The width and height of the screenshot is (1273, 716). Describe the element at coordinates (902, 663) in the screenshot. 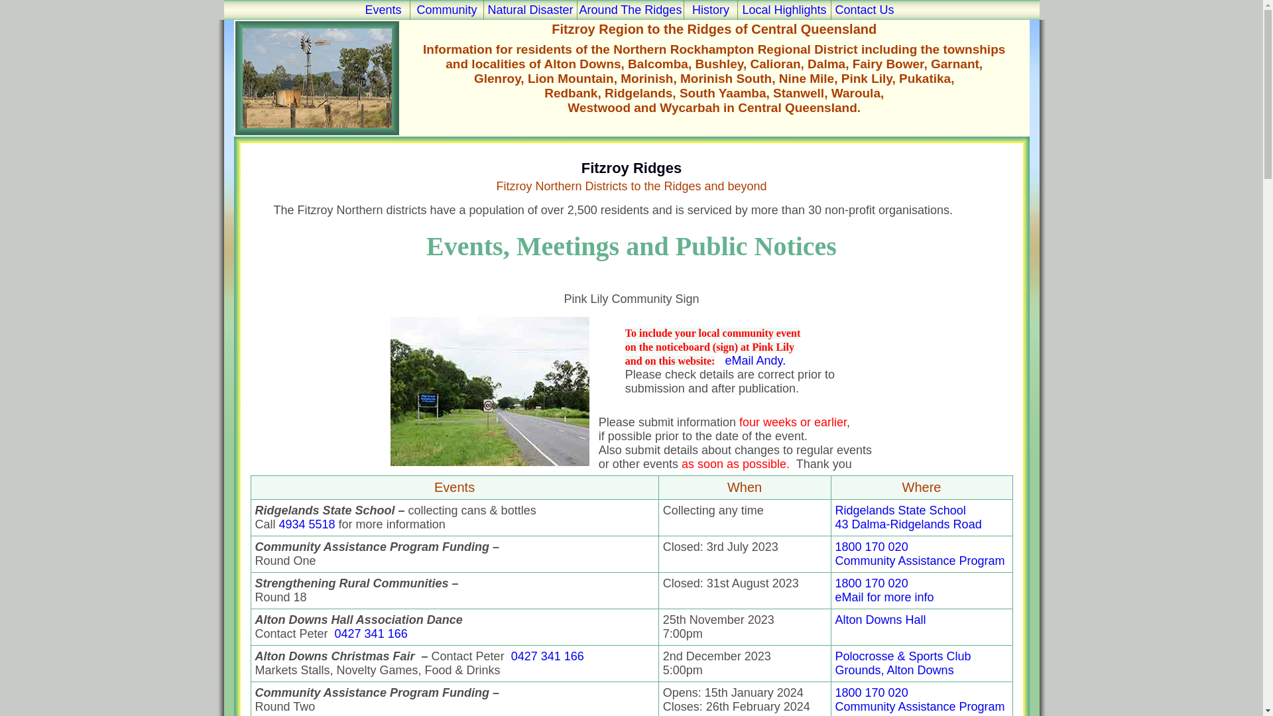

I see `'Polocrosse & Sports Club` at that location.